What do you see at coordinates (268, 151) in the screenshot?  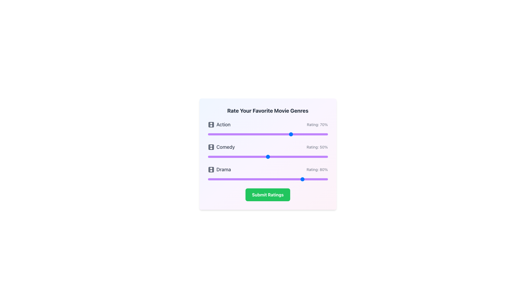 I see `the horizontal purple rating bar with a blue circular slider handle located beneath the text 'Comedy' and next to 'Rating: 50%'` at bounding box center [268, 151].